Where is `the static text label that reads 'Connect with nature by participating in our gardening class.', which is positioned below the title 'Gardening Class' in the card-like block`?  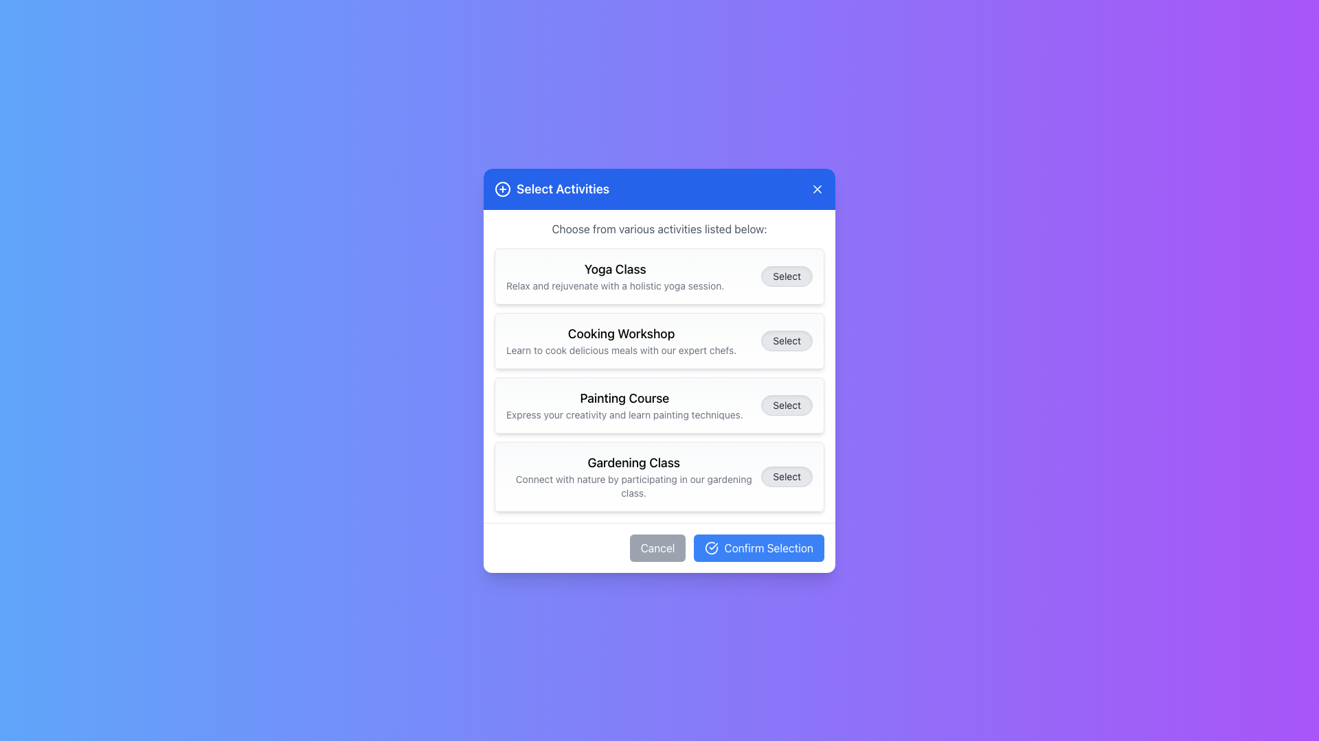
the static text label that reads 'Connect with nature by participating in our gardening class.', which is positioned below the title 'Gardening Class' in the card-like block is located at coordinates (633, 485).